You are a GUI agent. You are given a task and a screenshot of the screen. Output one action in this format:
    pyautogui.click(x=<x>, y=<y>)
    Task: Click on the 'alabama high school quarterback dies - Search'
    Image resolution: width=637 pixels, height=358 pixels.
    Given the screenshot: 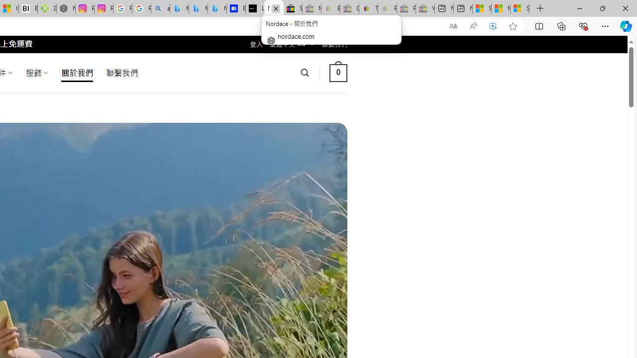 What is the action you would take?
    pyautogui.click(x=160, y=8)
    